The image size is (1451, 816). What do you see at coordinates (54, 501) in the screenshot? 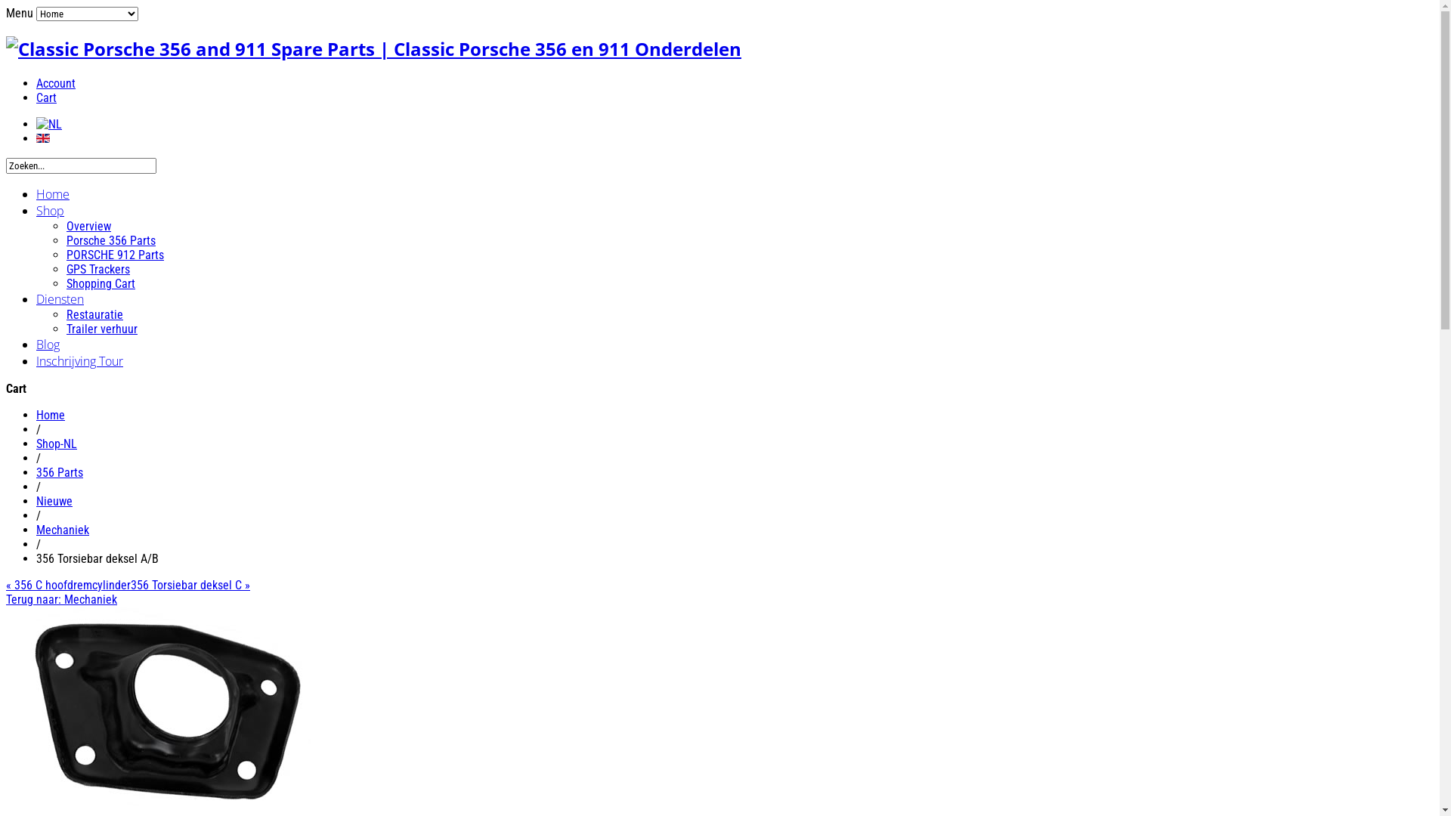
I see `'Nieuwe'` at bounding box center [54, 501].